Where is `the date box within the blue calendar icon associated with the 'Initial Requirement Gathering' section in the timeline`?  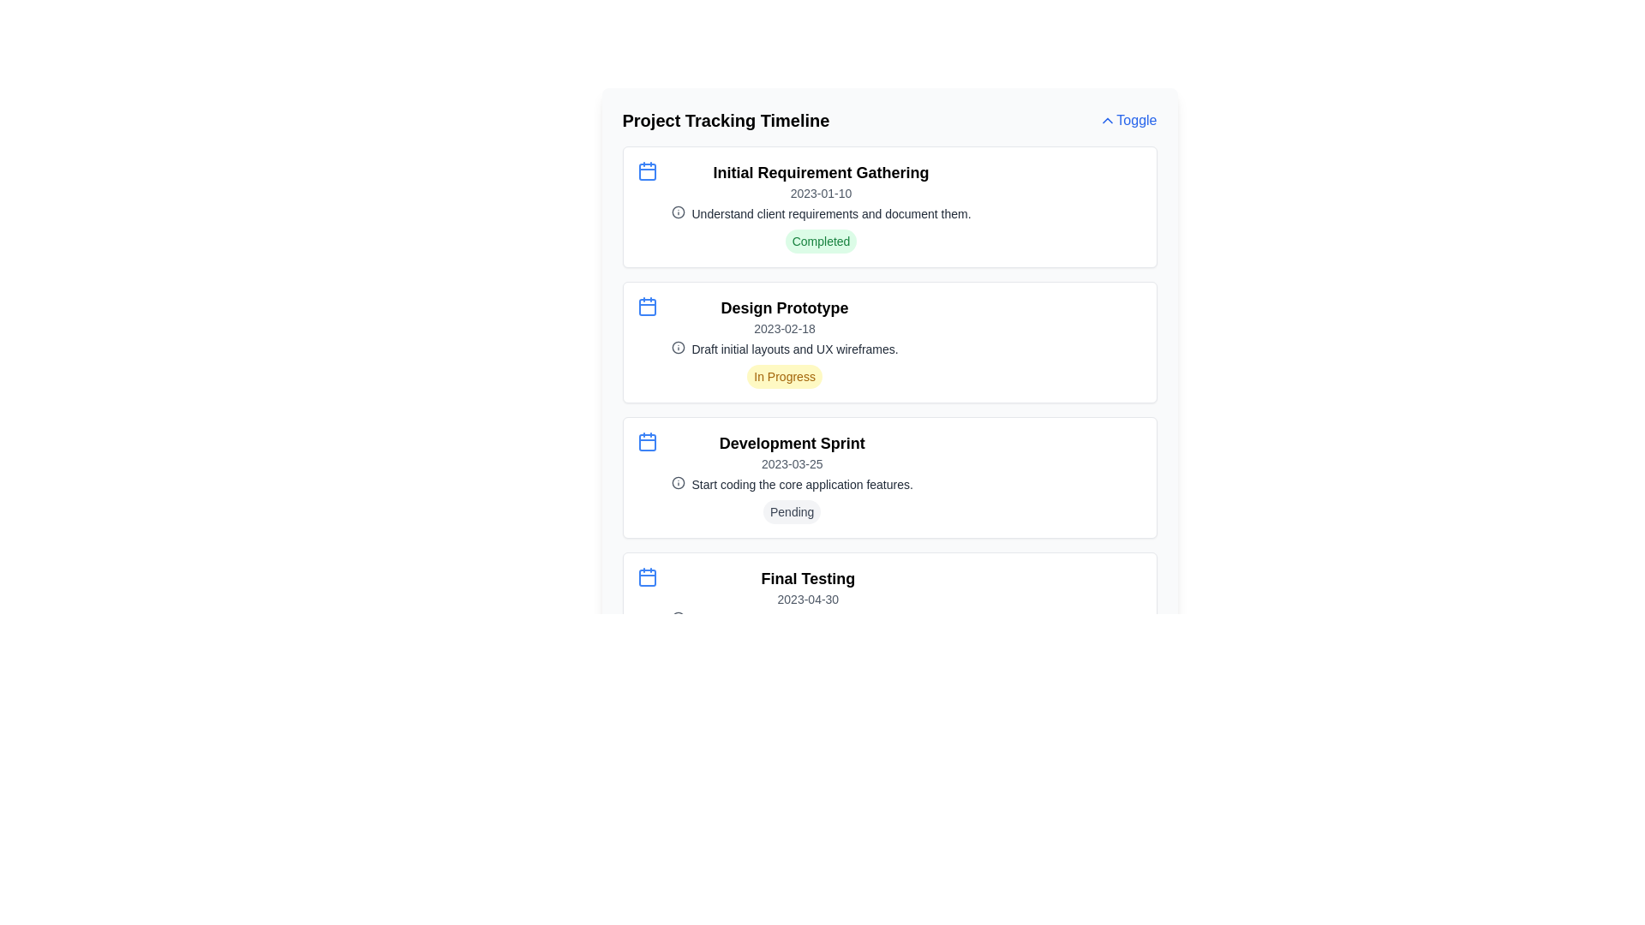 the date box within the blue calendar icon associated with the 'Initial Requirement Gathering' section in the timeline is located at coordinates (646, 171).